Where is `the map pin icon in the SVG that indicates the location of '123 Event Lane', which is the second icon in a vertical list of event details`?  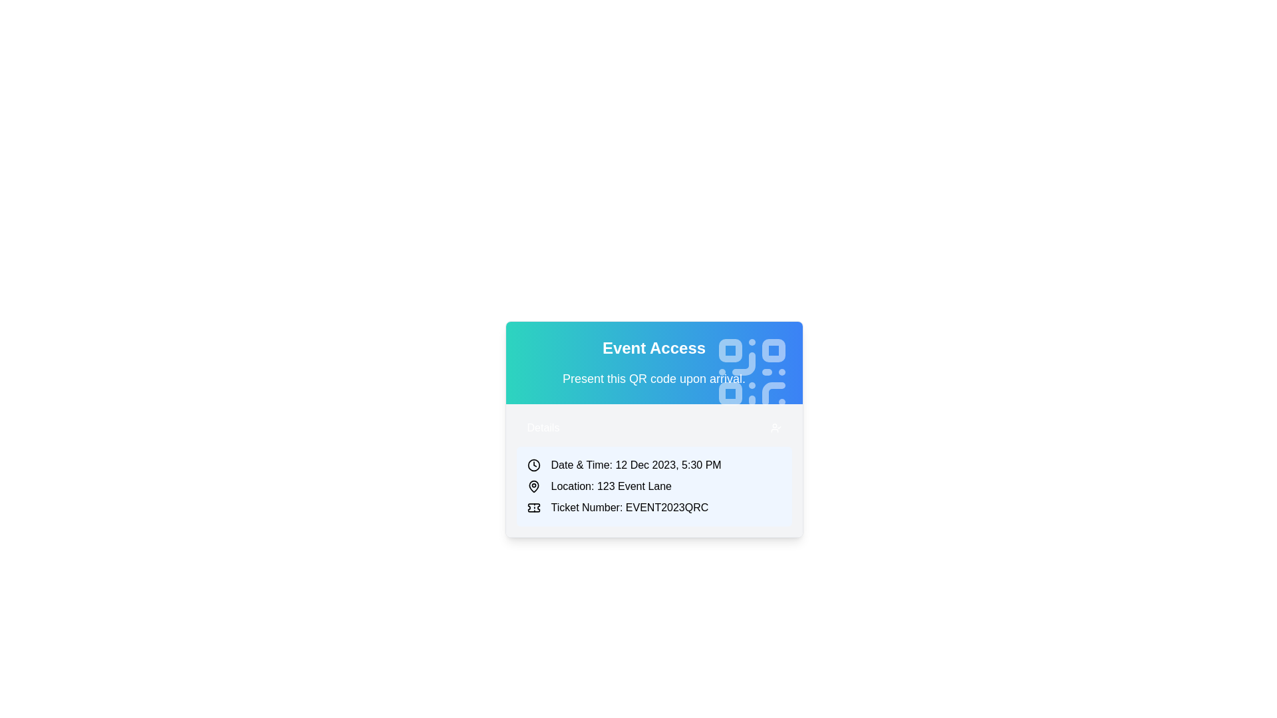
the map pin icon in the SVG that indicates the location of '123 Event Lane', which is the second icon in a vertical list of event details is located at coordinates (533, 487).